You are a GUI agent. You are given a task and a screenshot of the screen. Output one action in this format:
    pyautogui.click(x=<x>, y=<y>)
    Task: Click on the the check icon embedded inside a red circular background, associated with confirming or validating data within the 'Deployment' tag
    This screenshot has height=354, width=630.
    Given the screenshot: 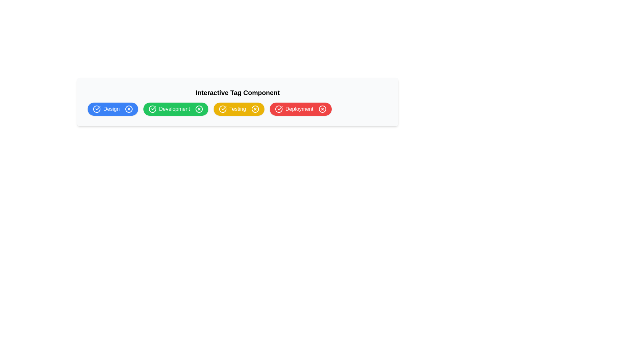 What is the action you would take?
    pyautogui.click(x=280, y=108)
    